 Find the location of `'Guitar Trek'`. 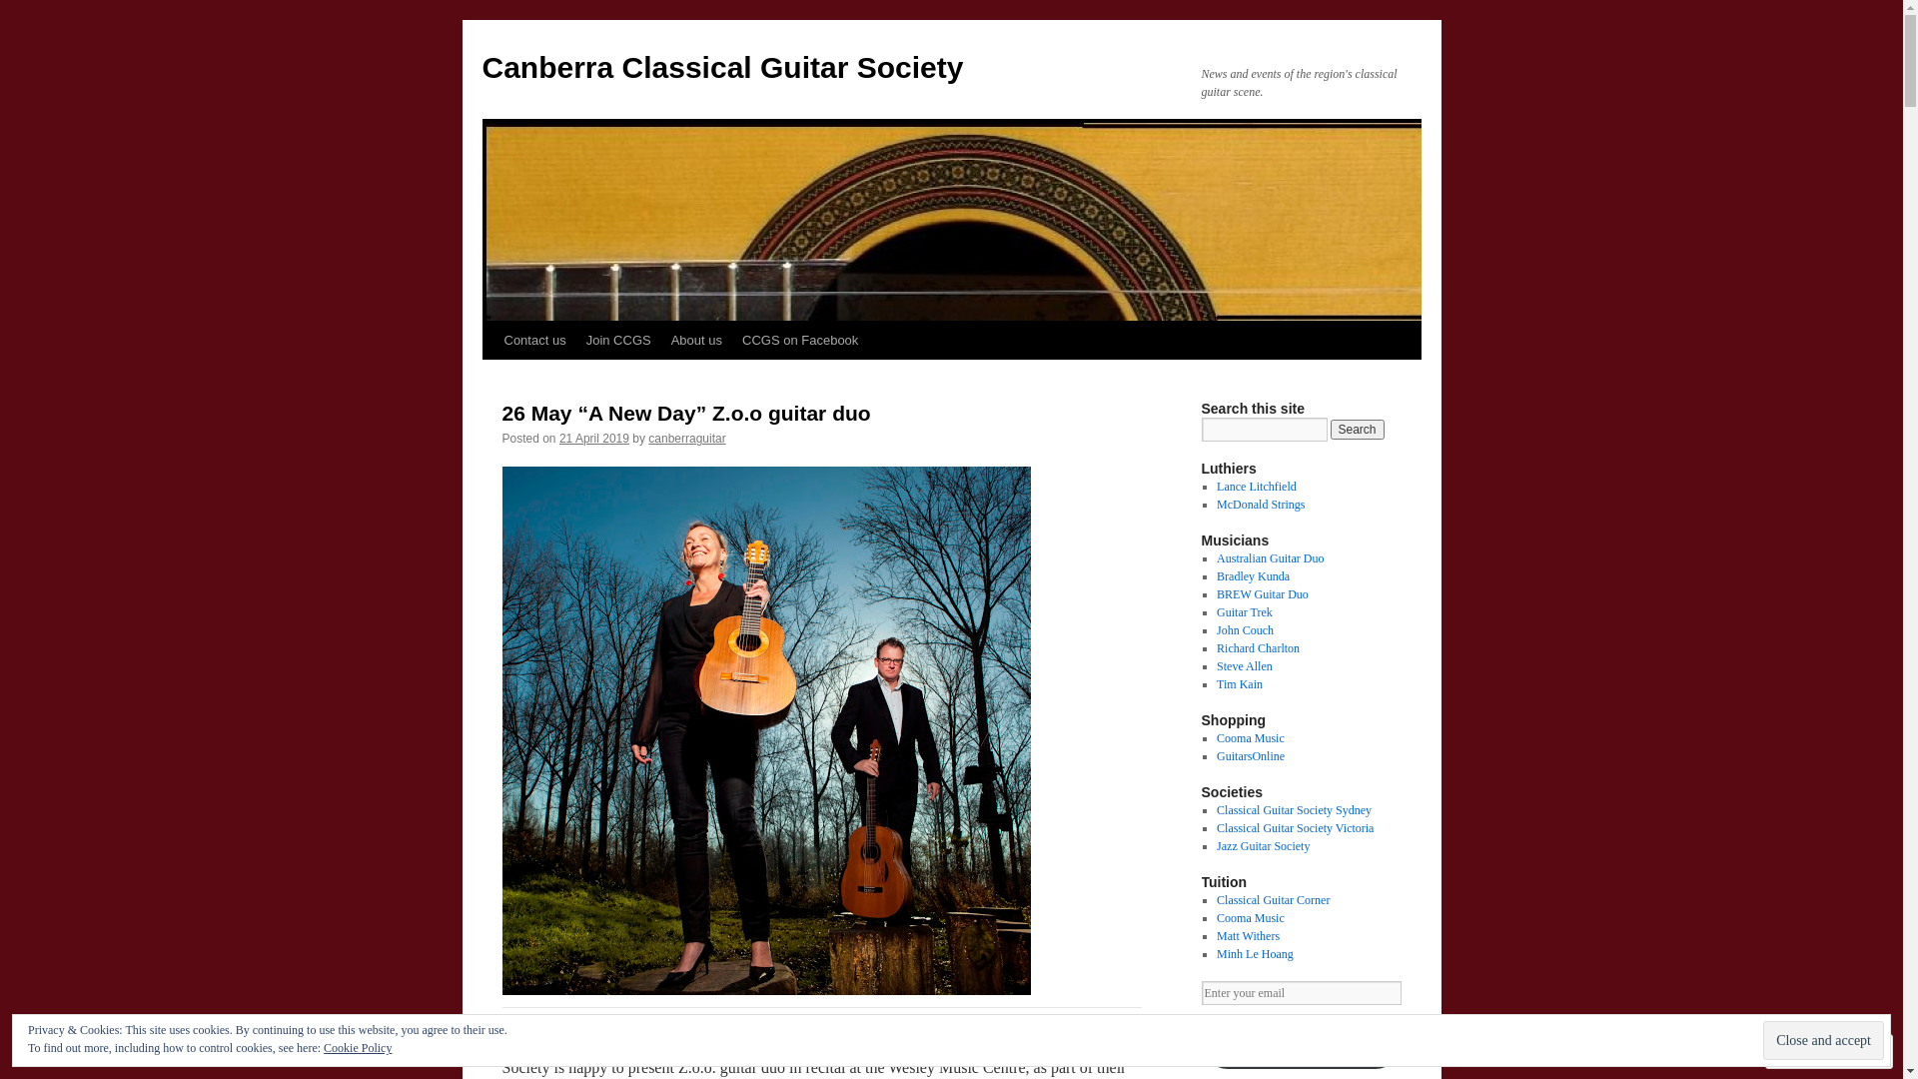

'Guitar Trek' is located at coordinates (1244, 611).